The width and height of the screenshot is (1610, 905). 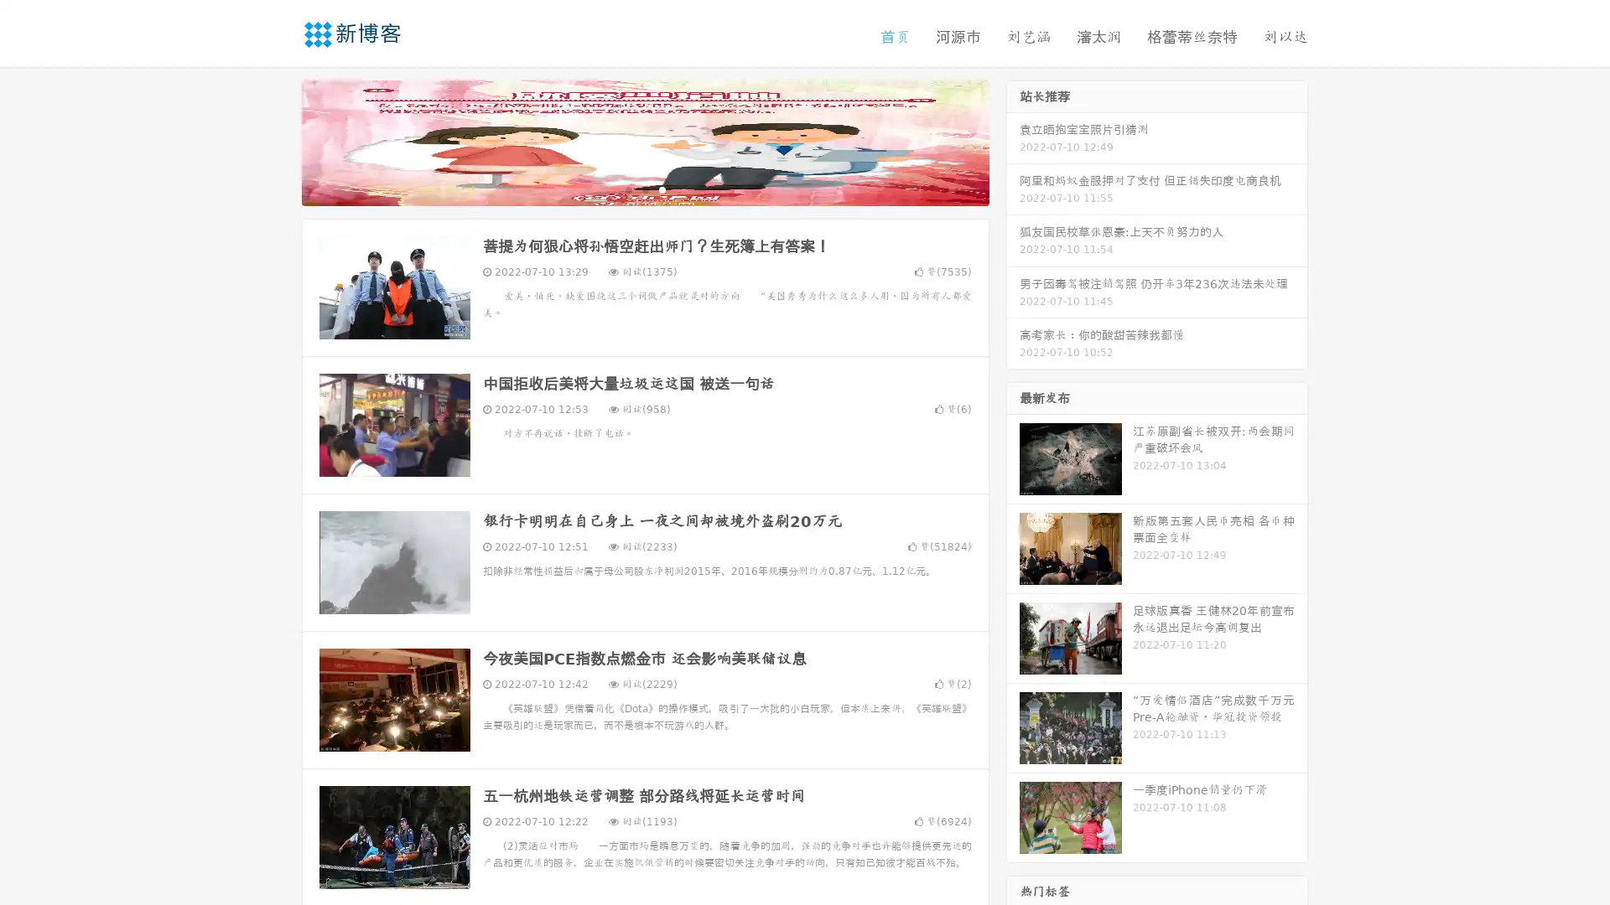 What do you see at coordinates (277, 141) in the screenshot?
I see `Previous slide` at bounding box center [277, 141].